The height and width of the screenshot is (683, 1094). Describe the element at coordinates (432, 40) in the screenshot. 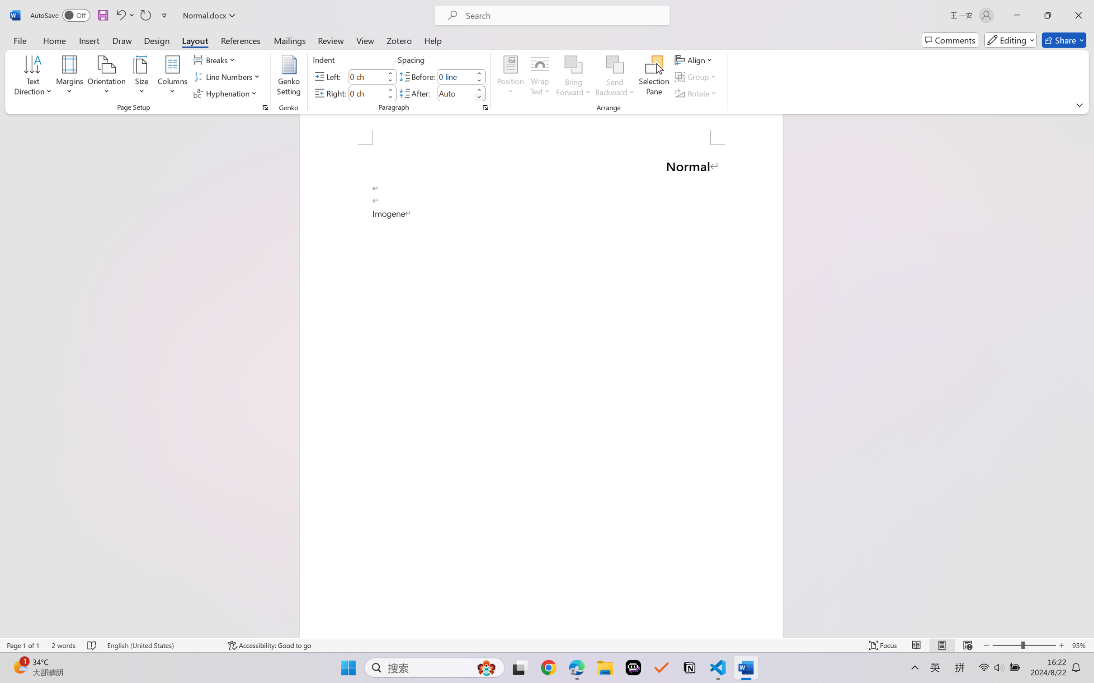

I see `'Help'` at that location.